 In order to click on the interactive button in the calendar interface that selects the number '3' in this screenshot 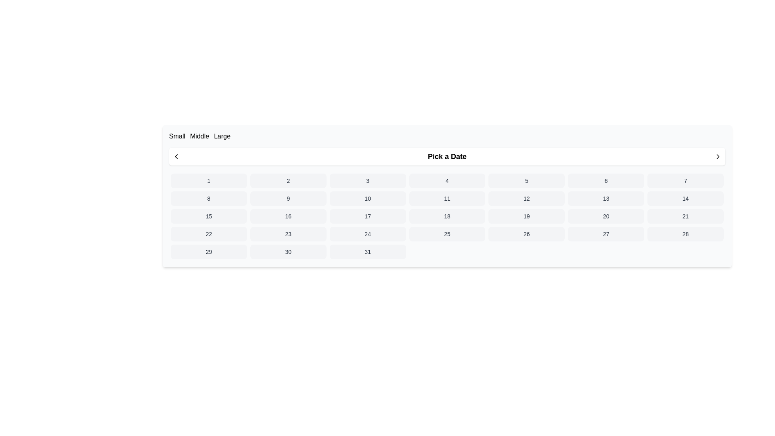, I will do `click(367, 180)`.